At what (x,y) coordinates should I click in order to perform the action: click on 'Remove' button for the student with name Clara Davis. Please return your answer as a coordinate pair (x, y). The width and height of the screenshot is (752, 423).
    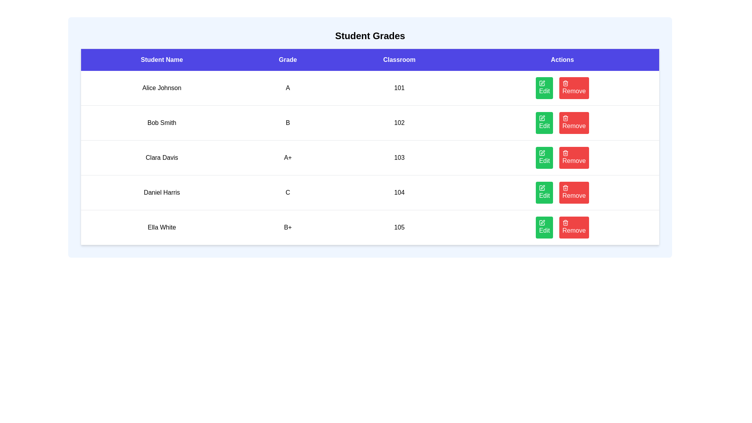
    Looking at the image, I should click on (574, 157).